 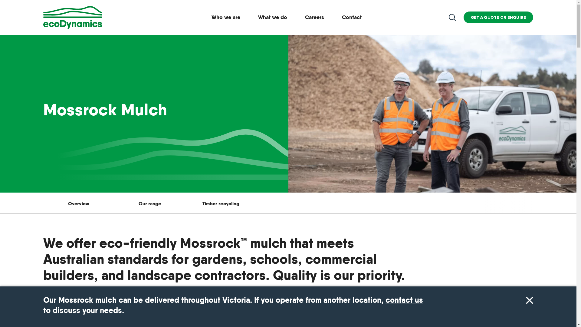 What do you see at coordinates (272, 17) in the screenshot?
I see `'What we do'` at bounding box center [272, 17].